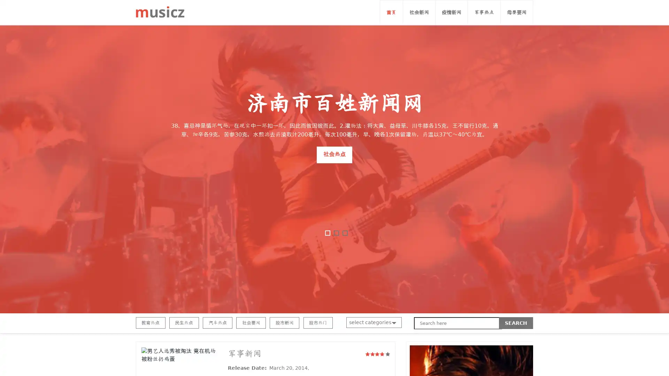 This screenshot has height=376, width=669. What do you see at coordinates (516, 323) in the screenshot?
I see `search` at bounding box center [516, 323].